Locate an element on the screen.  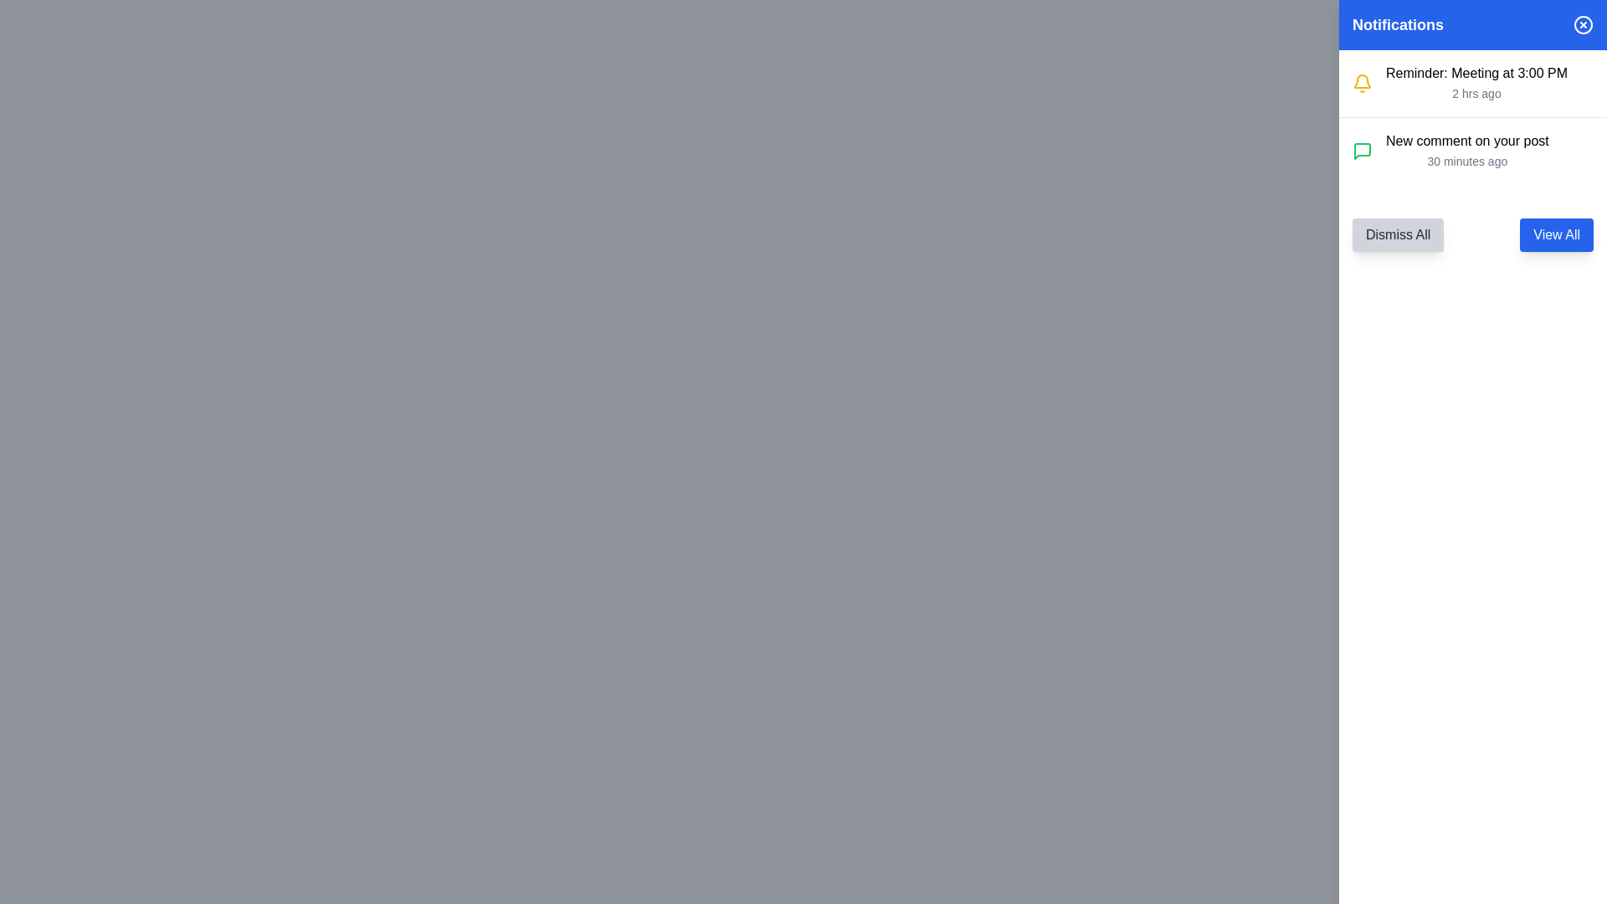
the circular outline icon on the small blue background located near the top-right corner of the notifications panel, which represents a close or dismiss action is located at coordinates (1582, 25).